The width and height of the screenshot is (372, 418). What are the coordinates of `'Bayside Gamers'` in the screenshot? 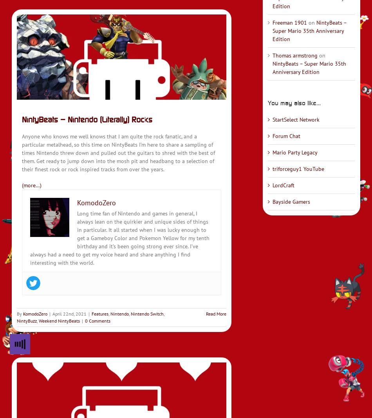 It's located at (290, 201).